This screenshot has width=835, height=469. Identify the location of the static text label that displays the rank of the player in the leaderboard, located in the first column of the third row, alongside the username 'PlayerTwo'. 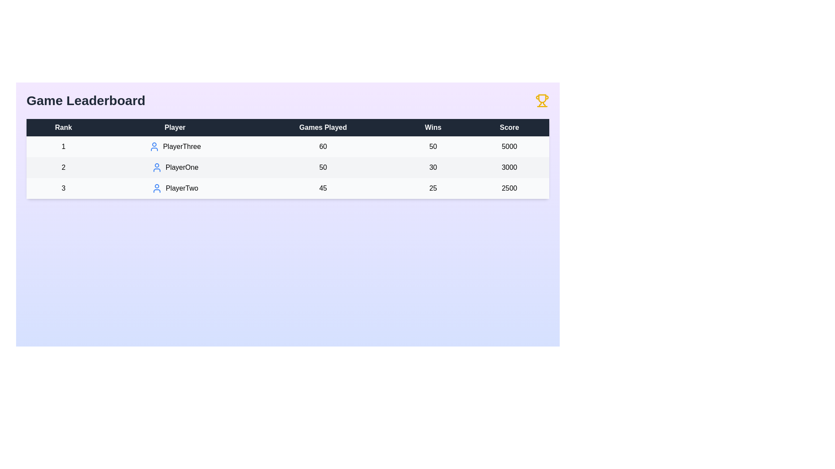
(63, 188).